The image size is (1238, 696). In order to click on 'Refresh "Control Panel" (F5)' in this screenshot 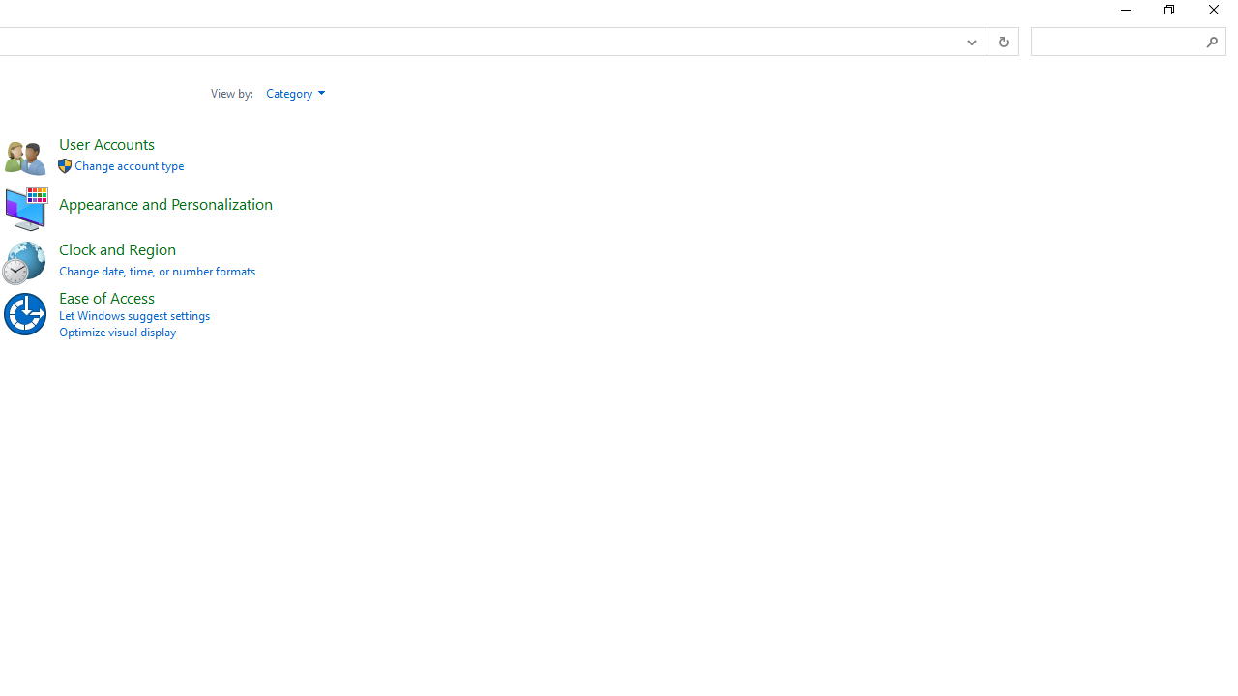, I will do `click(1002, 42)`.